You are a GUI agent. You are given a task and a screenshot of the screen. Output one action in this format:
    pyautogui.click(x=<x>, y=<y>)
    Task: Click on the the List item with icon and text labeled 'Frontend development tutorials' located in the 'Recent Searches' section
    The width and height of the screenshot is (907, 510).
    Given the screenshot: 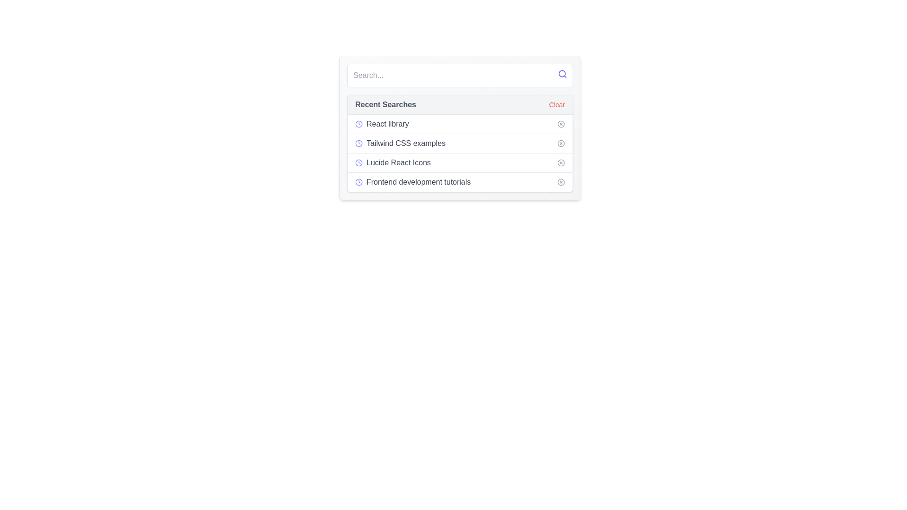 What is the action you would take?
    pyautogui.click(x=413, y=182)
    